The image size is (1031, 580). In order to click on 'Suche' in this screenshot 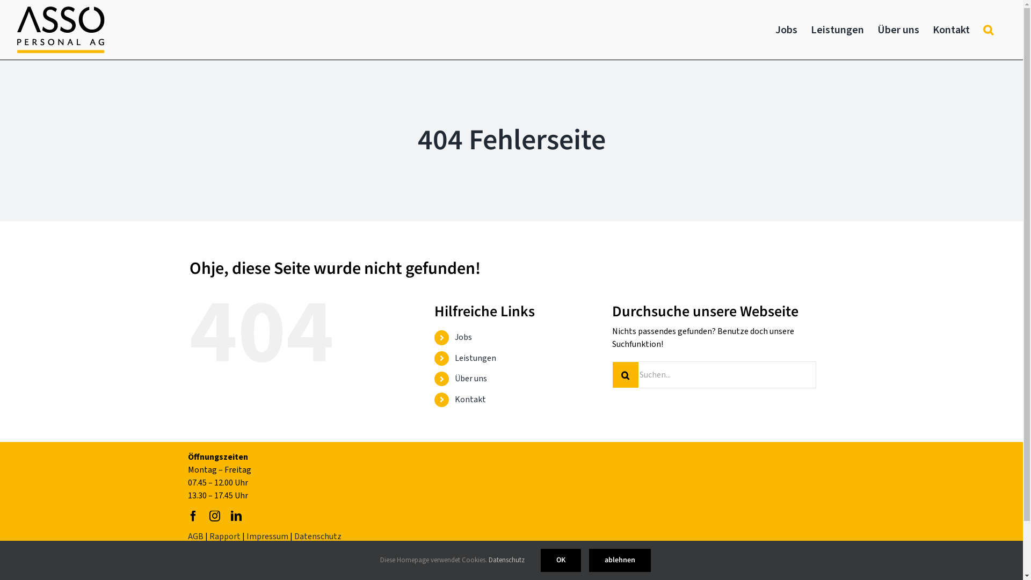, I will do `click(988, 29)`.